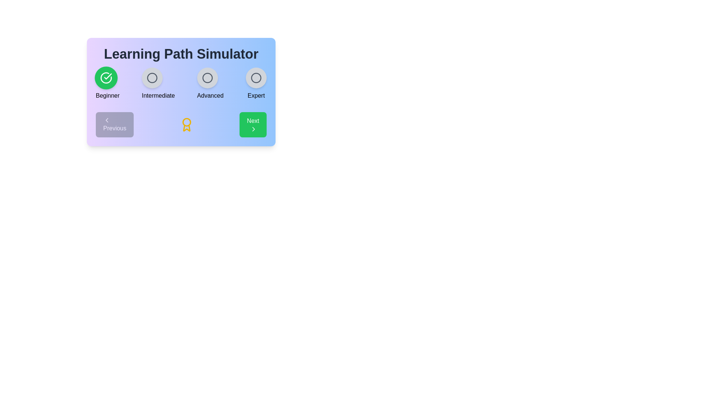 This screenshot has height=401, width=713. I want to click on the circular green icon with a checkmark indicating selection, located to the left of the 'Beginner' text in the top-left region of the user interface, so click(106, 78).